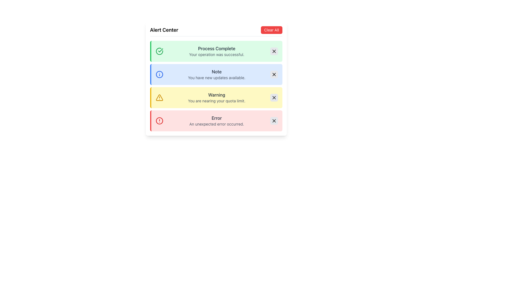  What do you see at coordinates (216, 101) in the screenshot?
I see `the text label displaying 'You are nearing your quota limit.' which is located in the notification center under the 'Warning' title` at bounding box center [216, 101].